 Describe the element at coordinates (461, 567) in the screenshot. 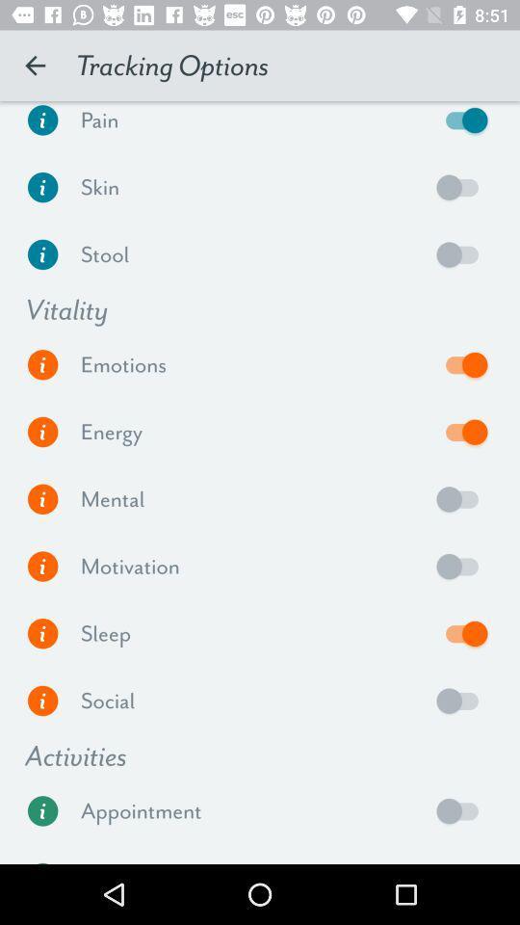

I see `the radio button represented the whether the element is enabled or disabled based user requirement` at that location.